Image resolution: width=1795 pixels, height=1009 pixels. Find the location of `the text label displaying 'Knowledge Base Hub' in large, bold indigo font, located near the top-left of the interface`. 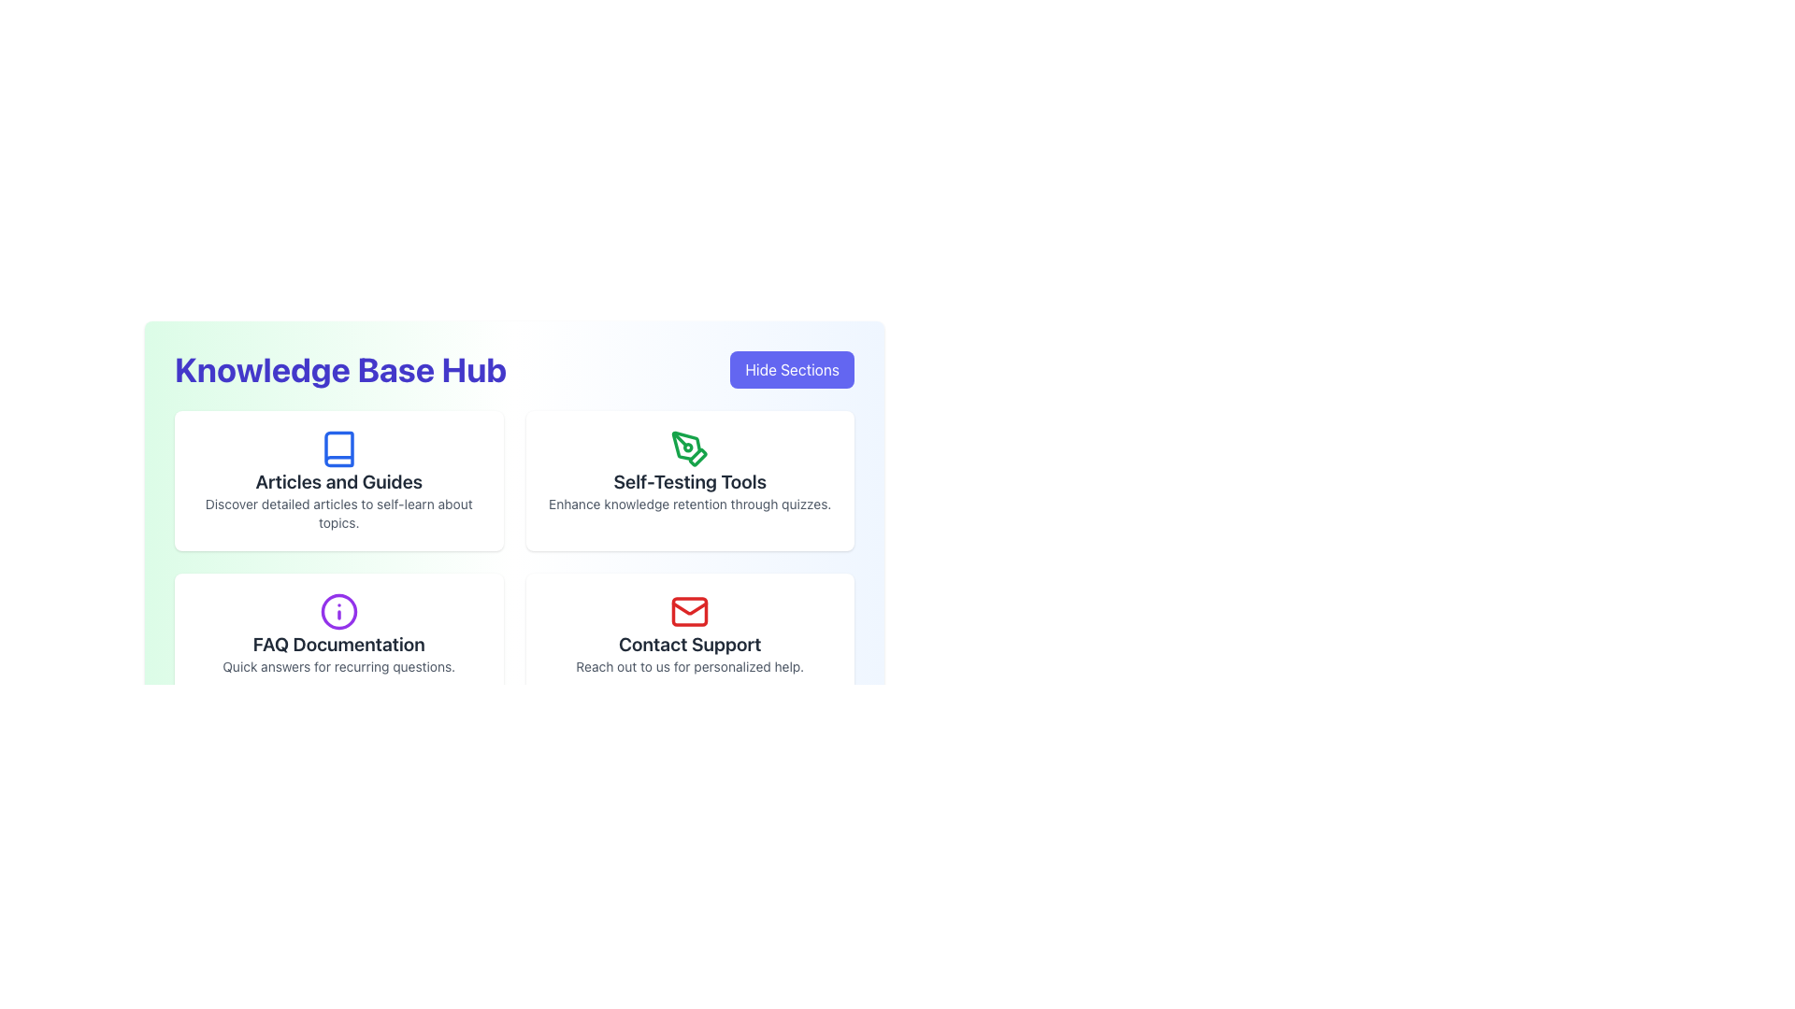

the text label displaying 'Knowledge Base Hub' in large, bold indigo font, located near the top-left of the interface is located at coordinates (340, 370).